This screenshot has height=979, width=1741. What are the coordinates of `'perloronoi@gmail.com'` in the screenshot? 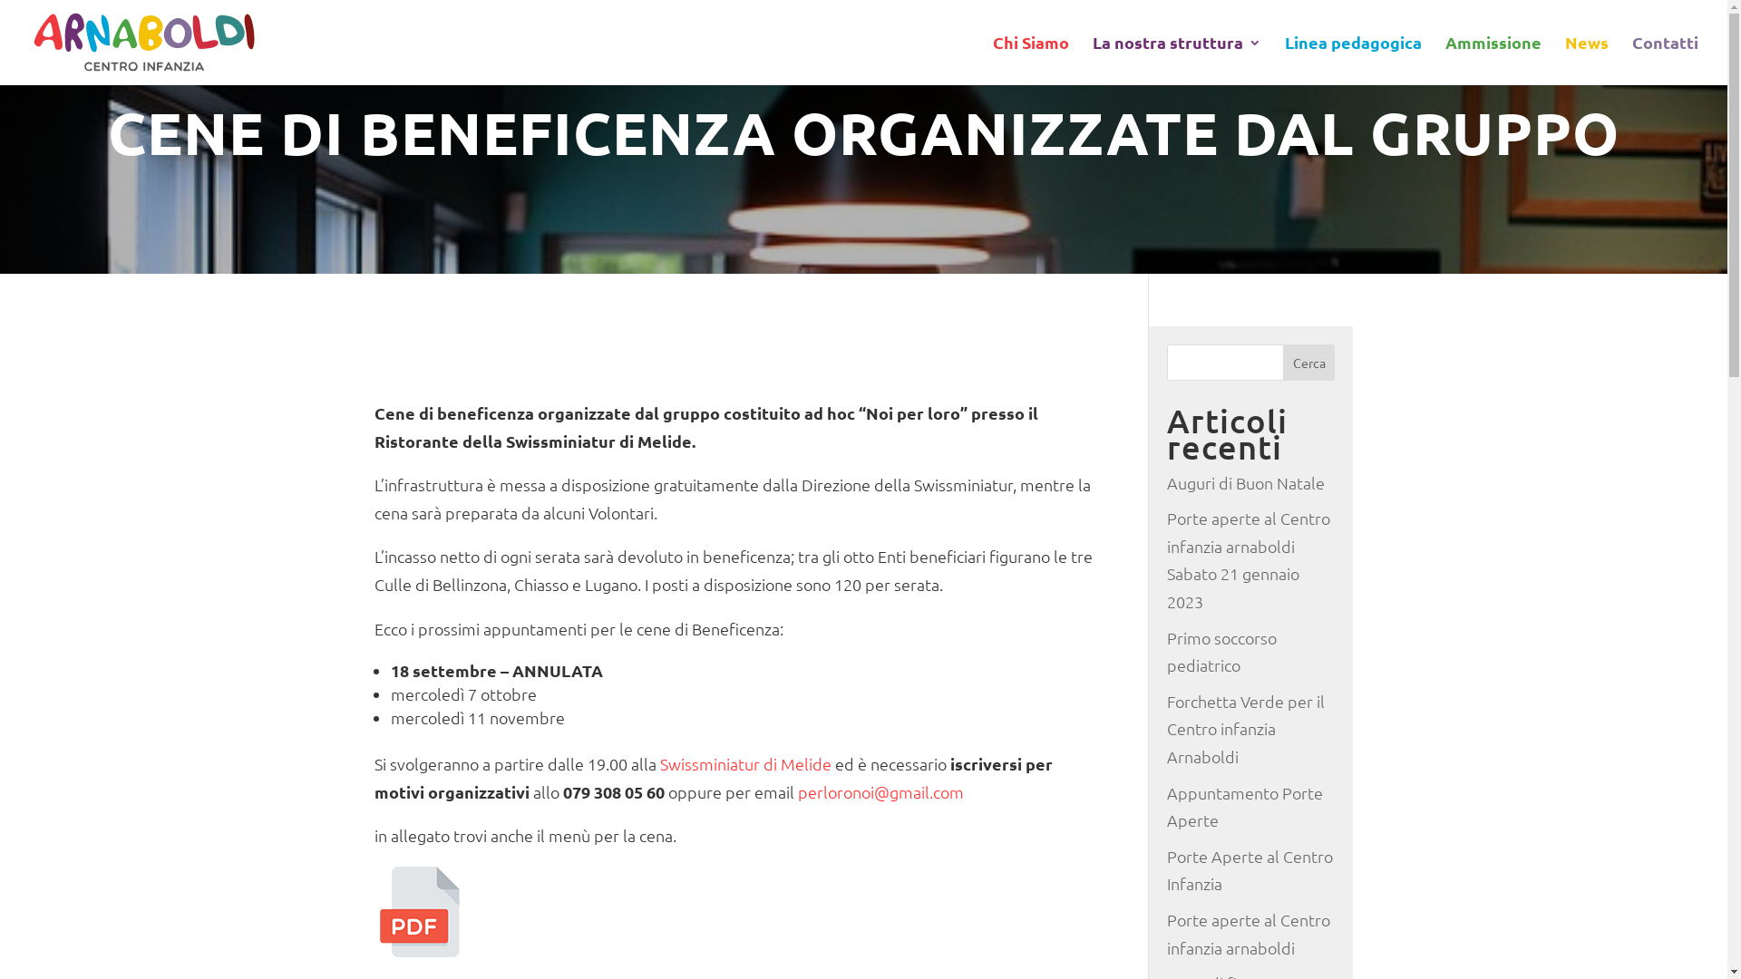 It's located at (880, 790).